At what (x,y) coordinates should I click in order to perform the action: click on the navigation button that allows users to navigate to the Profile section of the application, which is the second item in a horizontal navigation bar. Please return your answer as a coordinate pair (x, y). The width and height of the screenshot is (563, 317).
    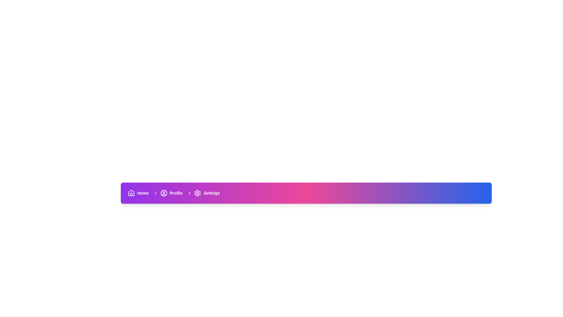
    Looking at the image, I should click on (167, 193).